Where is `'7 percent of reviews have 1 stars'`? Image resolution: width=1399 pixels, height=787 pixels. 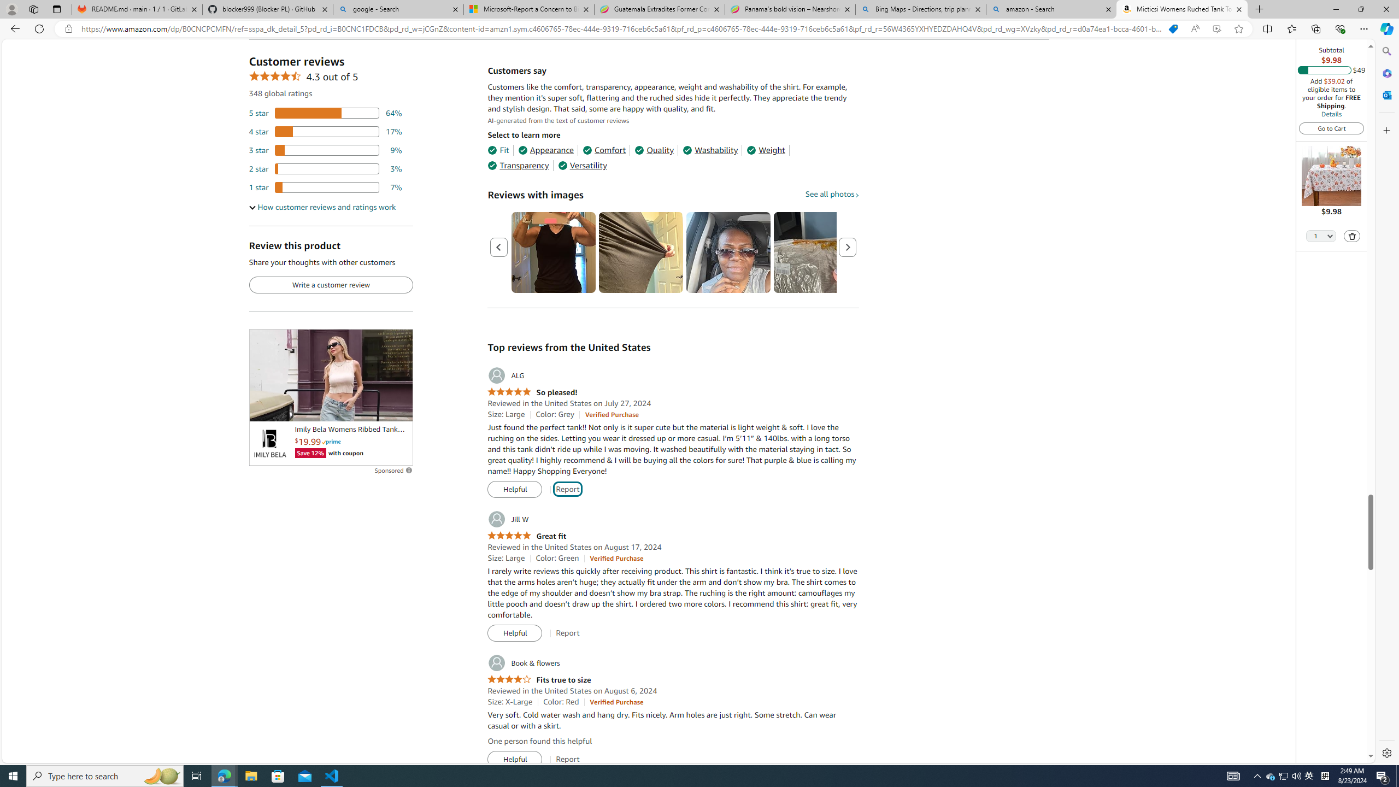 '7 percent of reviews have 1 stars' is located at coordinates (325, 187).